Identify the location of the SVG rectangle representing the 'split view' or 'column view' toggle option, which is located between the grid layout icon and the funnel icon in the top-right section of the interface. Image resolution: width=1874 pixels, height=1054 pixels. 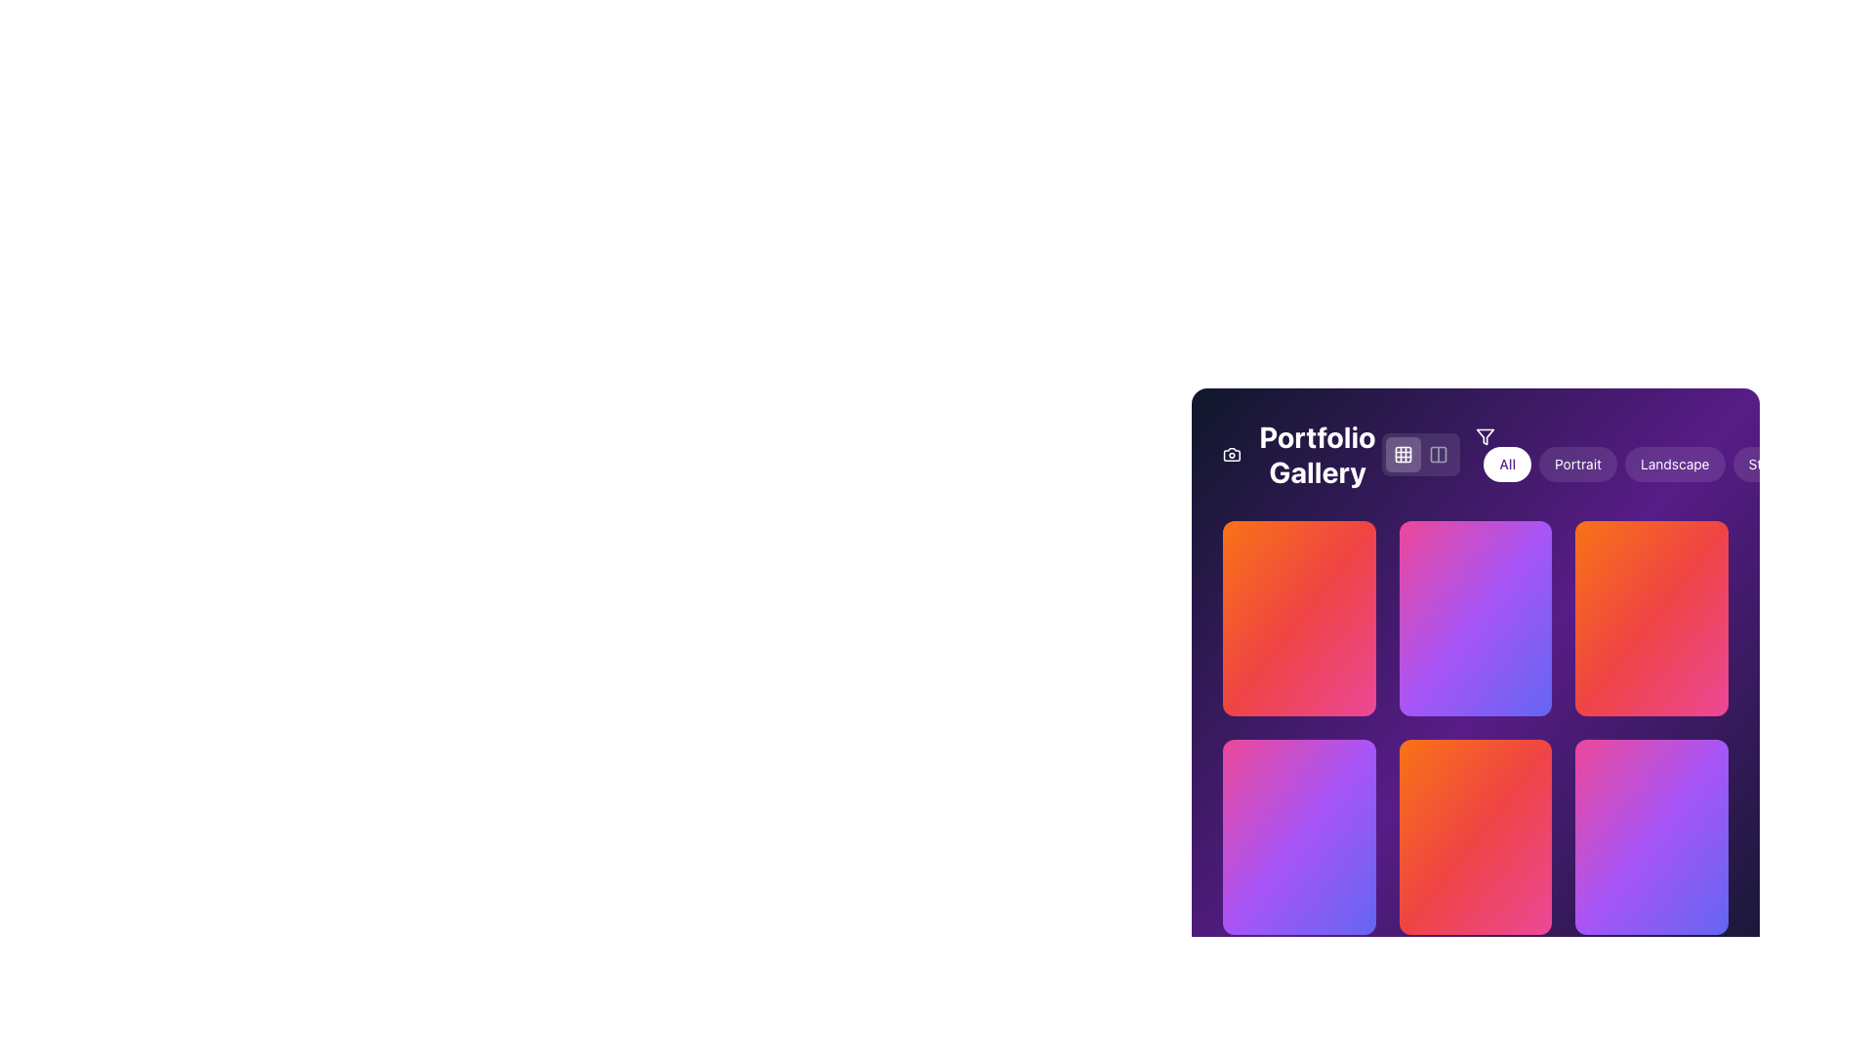
(1439, 455).